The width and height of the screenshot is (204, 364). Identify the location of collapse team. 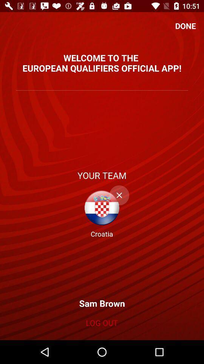
(119, 195).